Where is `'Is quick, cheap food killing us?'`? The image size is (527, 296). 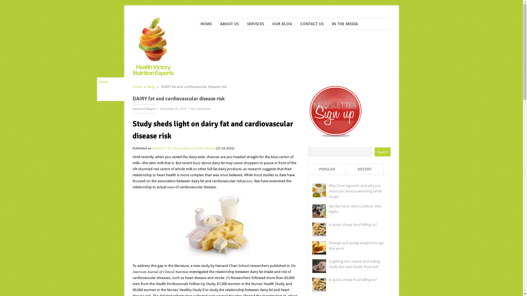
'Is quick, cheap food killing us?' is located at coordinates (353, 280).